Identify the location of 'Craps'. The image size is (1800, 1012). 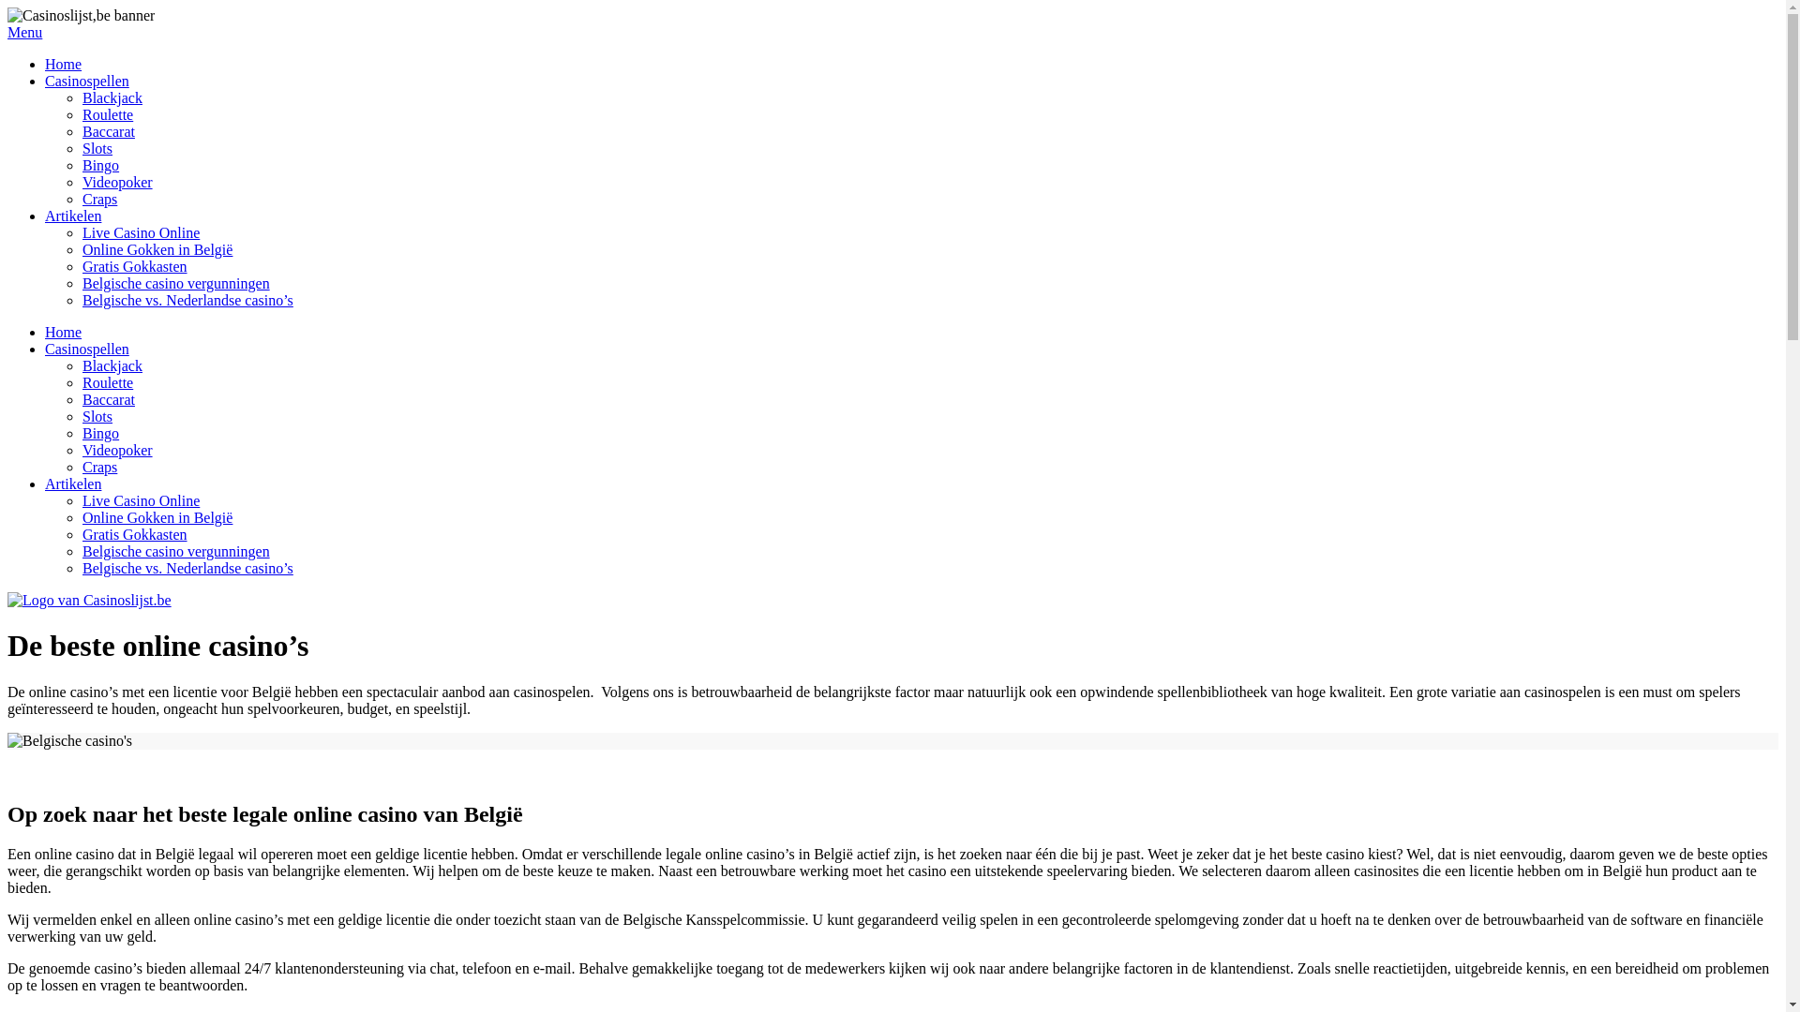
(81, 466).